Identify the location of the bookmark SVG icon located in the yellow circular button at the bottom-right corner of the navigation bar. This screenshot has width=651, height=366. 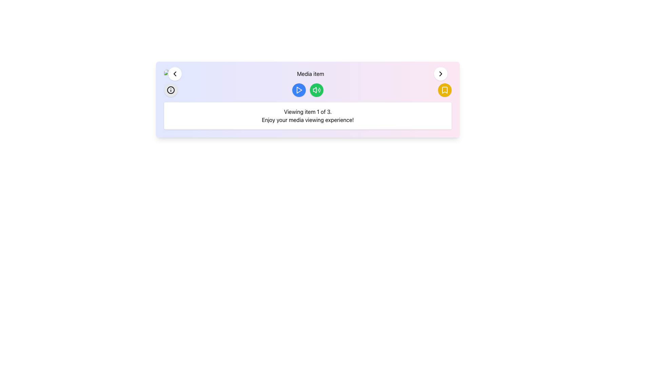
(445, 90).